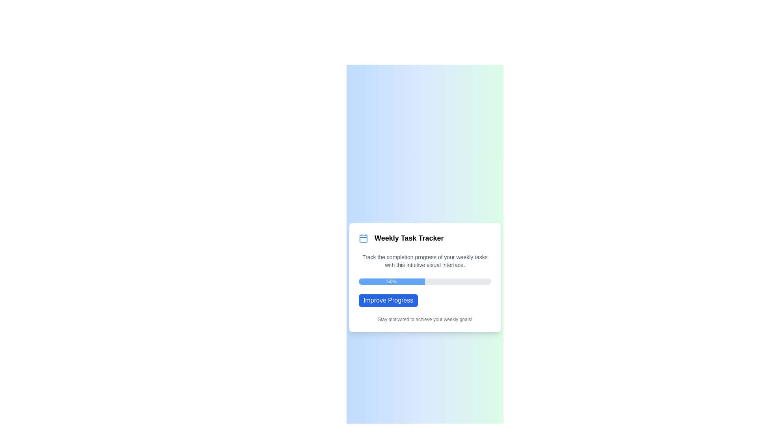  Describe the element at coordinates (409, 238) in the screenshot. I see `title of the Text Label that displays 'Weekly Task Tracker', which is styled in a large bold font and located prominently in the card header area, next to a calendar icon` at that location.